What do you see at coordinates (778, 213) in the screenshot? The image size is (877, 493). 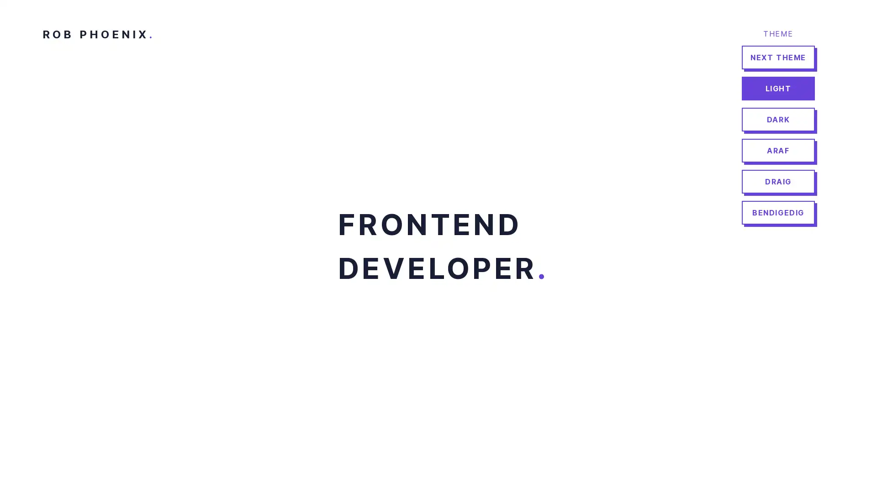 I see `BENDIGEDIG` at bounding box center [778, 213].